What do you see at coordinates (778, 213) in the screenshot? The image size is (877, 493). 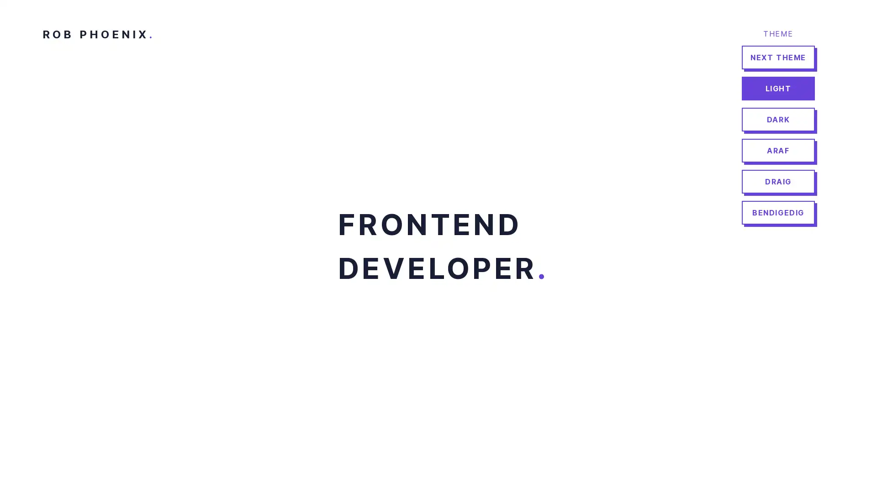 I see `BENDIGEDIG` at bounding box center [778, 213].